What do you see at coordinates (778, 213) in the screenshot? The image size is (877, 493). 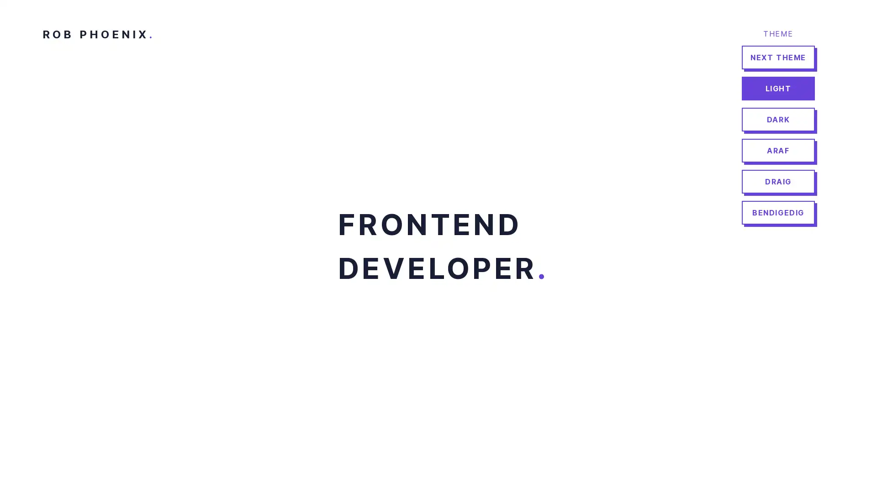 I see `BENDIGEDIG` at bounding box center [778, 213].